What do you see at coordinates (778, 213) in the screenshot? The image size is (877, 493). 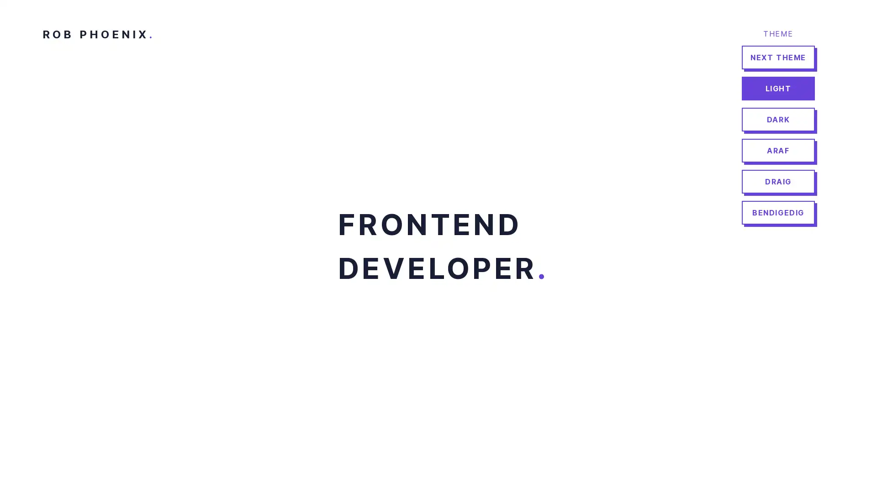 I see `BENDIGEDIG` at bounding box center [778, 213].